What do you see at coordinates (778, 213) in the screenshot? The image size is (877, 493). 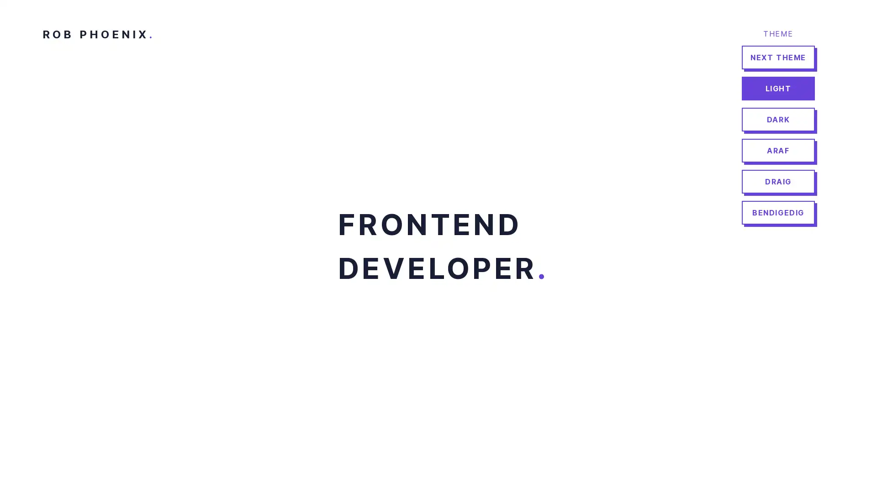 I see `BENDIGEDIG` at bounding box center [778, 213].